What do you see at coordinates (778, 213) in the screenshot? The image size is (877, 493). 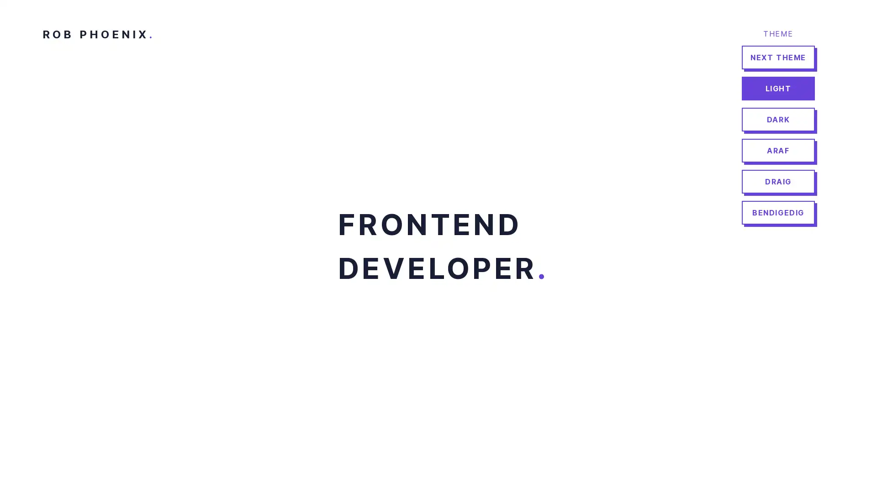 I see `BENDIGEDIG` at bounding box center [778, 213].